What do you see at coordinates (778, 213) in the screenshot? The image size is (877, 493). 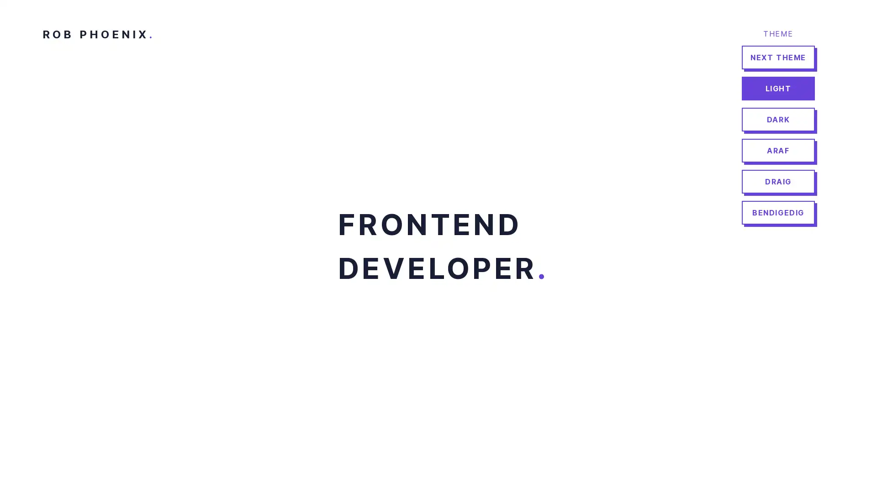 I see `BENDIGEDIG` at bounding box center [778, 213].